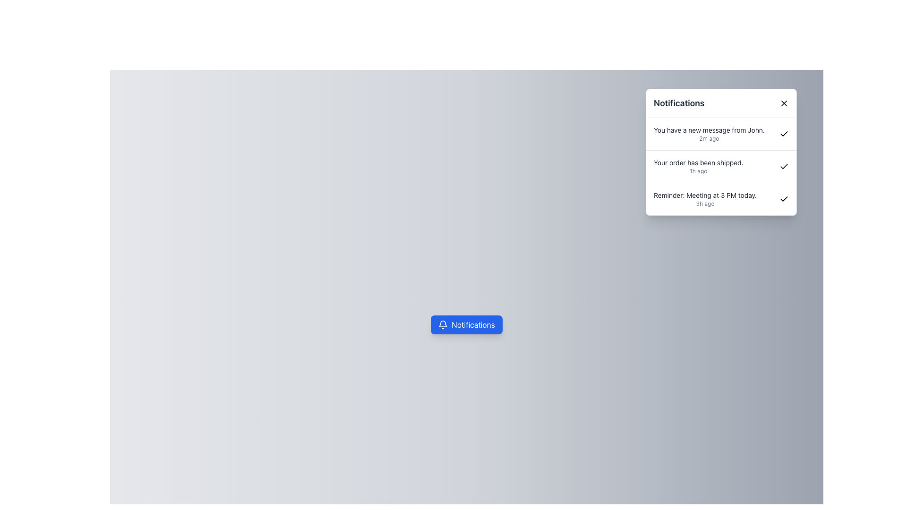  Describe the element at coordinates (709, 134) in the screenshot. I see `the first notification message in the Notifications panel, which contains the text 'You have a new message from John.'` at that location.